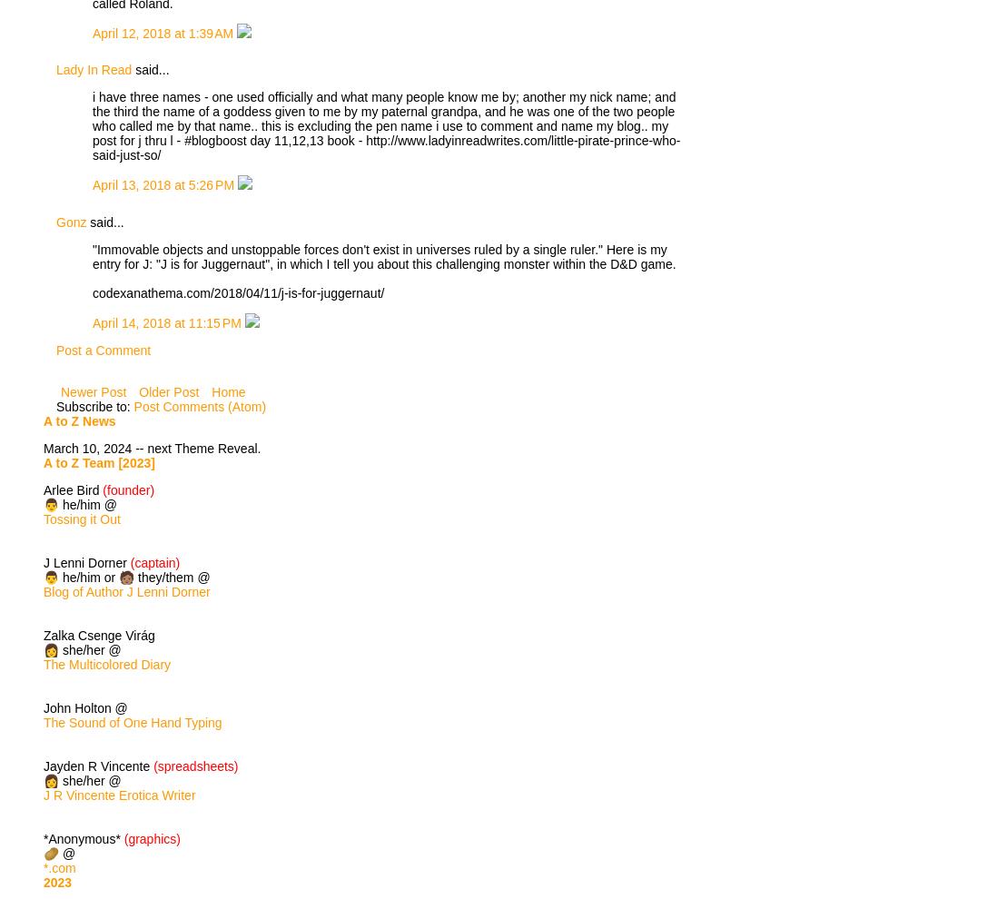 This screenshot has height=899, width=997. What do you see at coordinates (84, 837) in the screenshot?
I see `'*Anonymous*'` at bounding box center [84, 837].